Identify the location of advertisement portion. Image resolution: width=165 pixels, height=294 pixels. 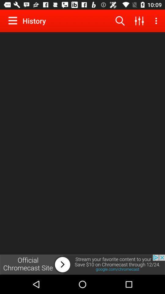
(82, 264).